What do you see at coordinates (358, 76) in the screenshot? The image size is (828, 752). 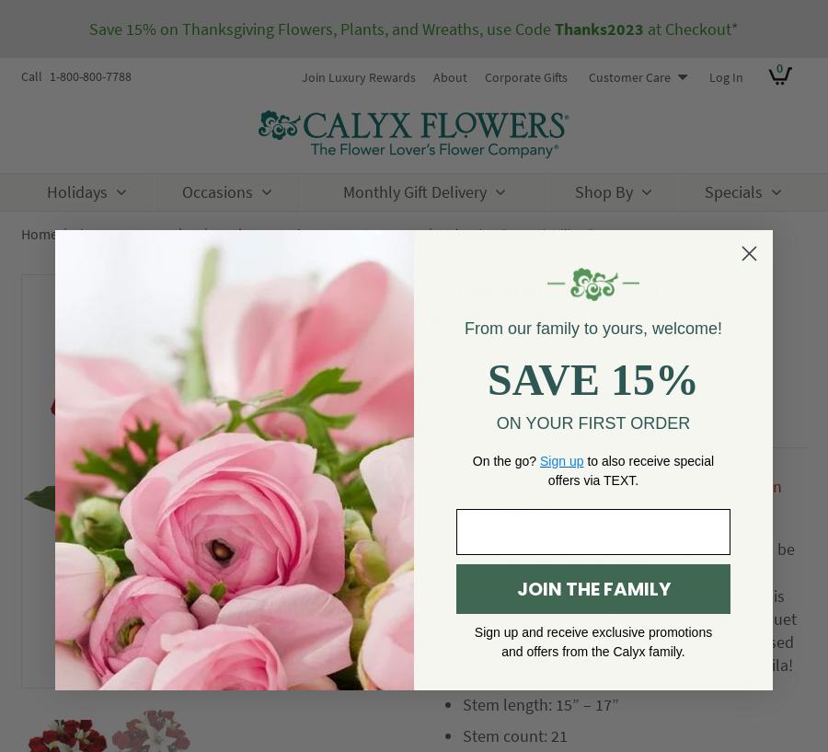 I see `'Join Luxury Rewards'` at bounding box center [358, 76].